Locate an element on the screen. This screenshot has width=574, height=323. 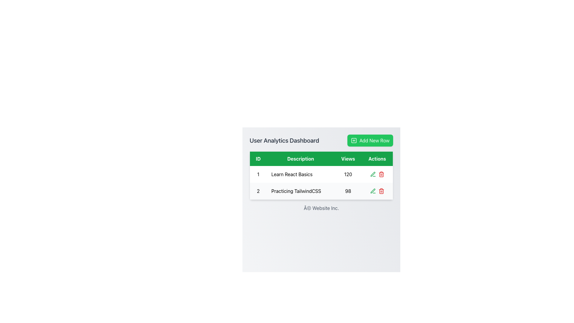
the text display showing the number '120' under the 'Views' column in the first data row of the table is located at coordinates (348, 174).